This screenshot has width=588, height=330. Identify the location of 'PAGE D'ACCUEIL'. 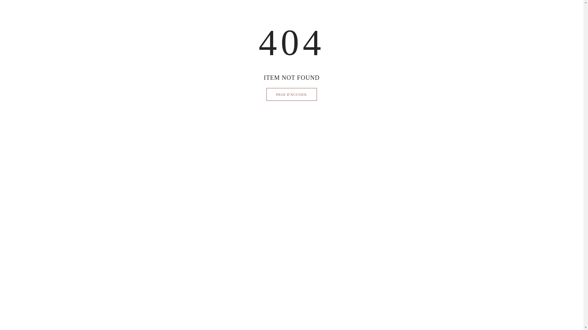
(291, 94).